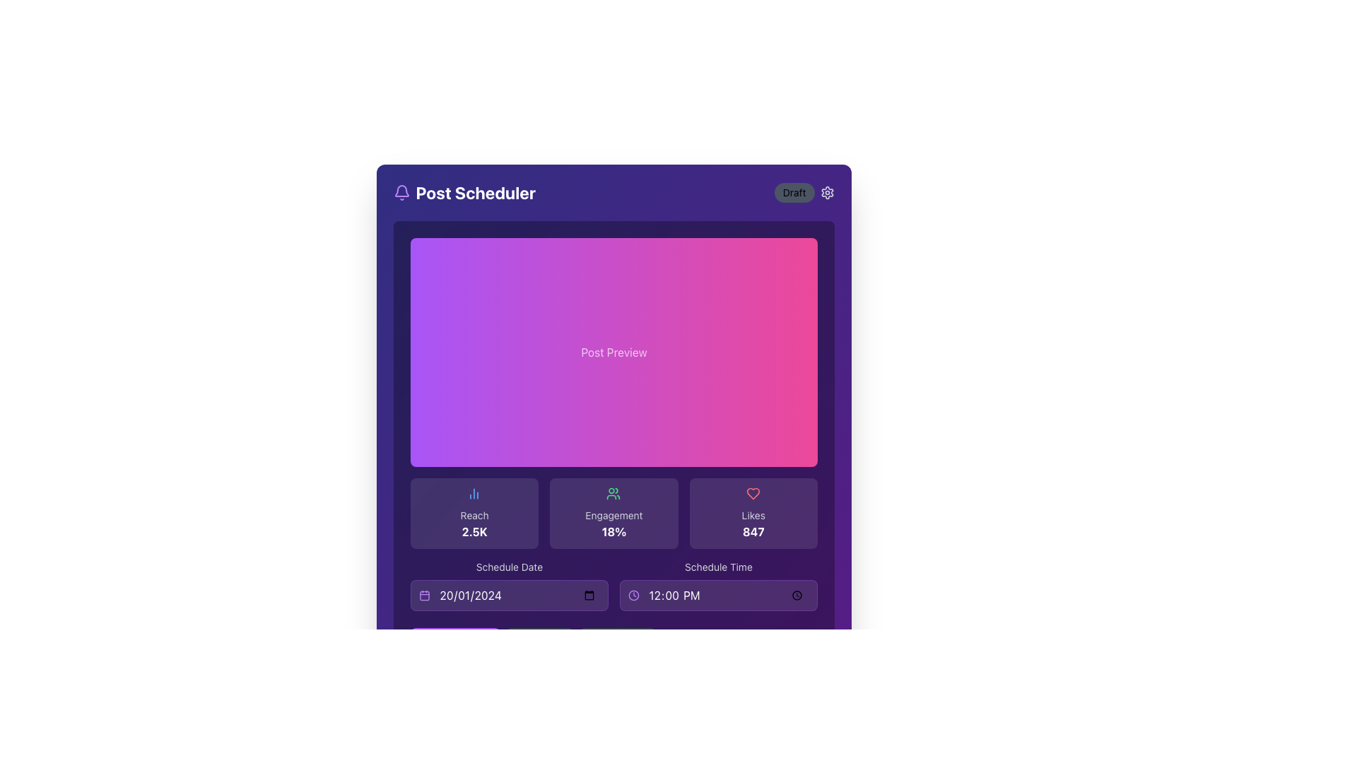 The width and height of the screenshot is (1357, 763). Describe the element at coordinates (804, 193) in the screenshot. I see `the 'Draft' status indicator badge located in the top-right corner of the main interface, adjacent to the settings icon and aligned with the 'Post Scheduler' title` at that location.